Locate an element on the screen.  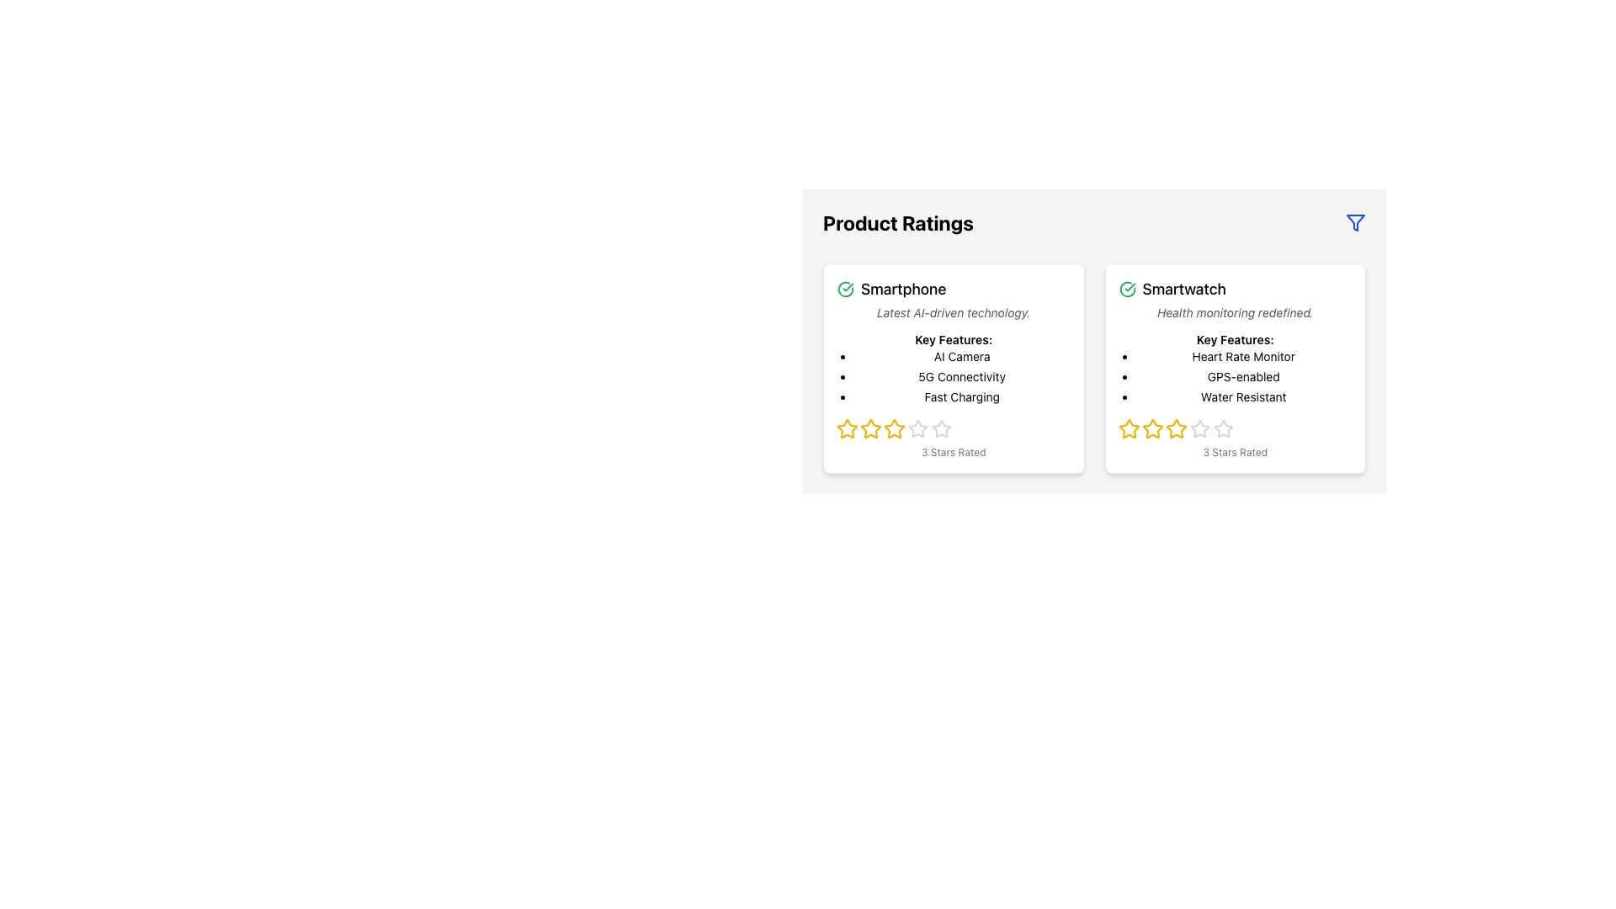
the filtering icon located in the top-right corner of the smartwatch details card is located at coordinates (1356, 222).